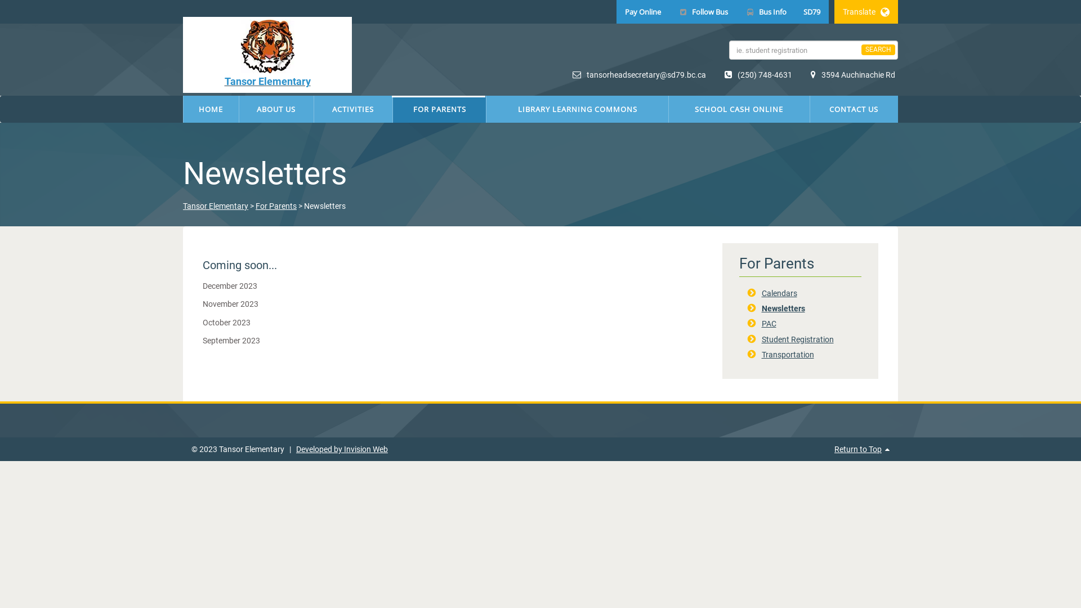 This screenshot has width=1081, height=608. What do you see at coordinates (643, 11) in the screenshot?
I see `'Pay Online'` at bounding box center [643, 11].